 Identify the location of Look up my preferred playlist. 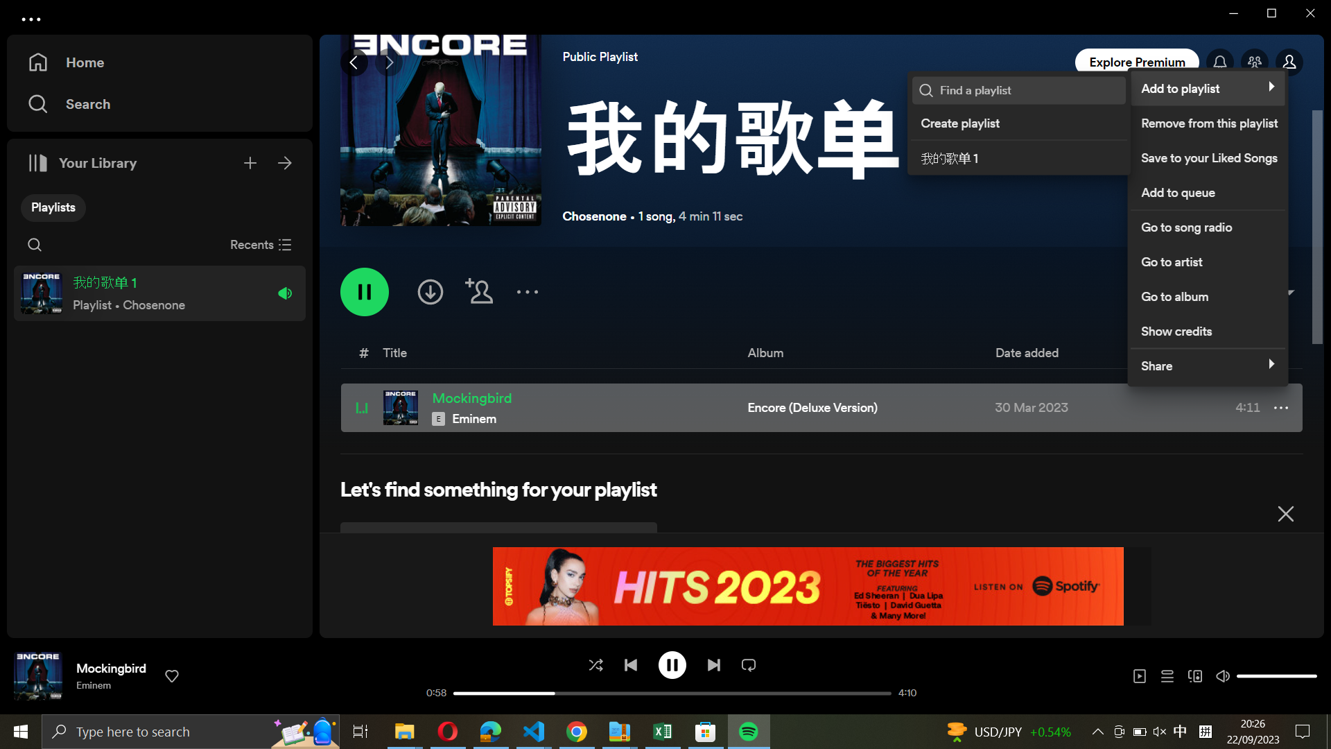
(1029, 90).